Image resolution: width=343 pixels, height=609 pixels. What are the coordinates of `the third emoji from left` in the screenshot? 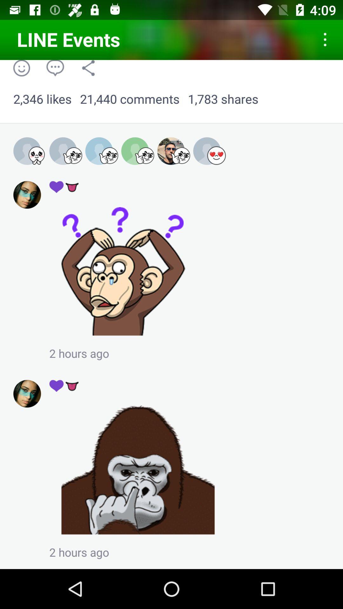 It's located at (102, 151).